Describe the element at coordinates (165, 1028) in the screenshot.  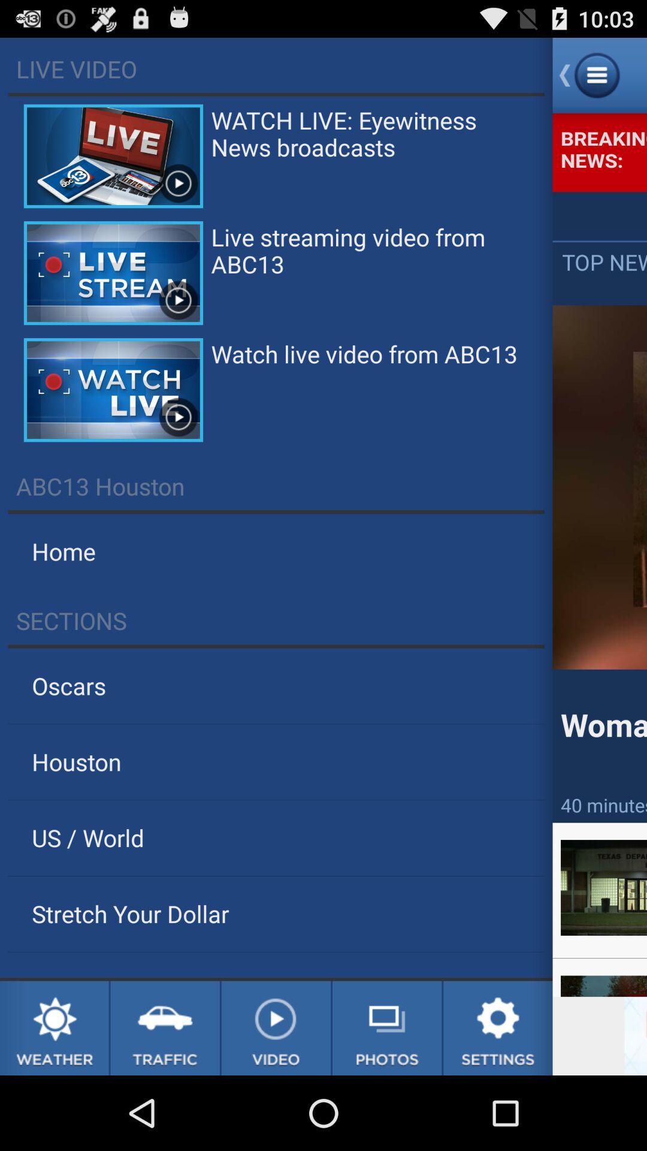
I see `switch tab` at that location.